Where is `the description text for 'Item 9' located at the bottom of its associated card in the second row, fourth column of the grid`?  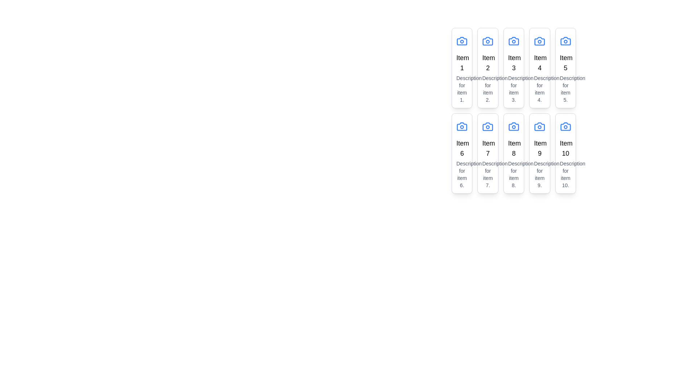 the description text for 'Item 9' located at the bottom of its associated card in the second row, fourth column of the grid is located at coordinates (539, 175).